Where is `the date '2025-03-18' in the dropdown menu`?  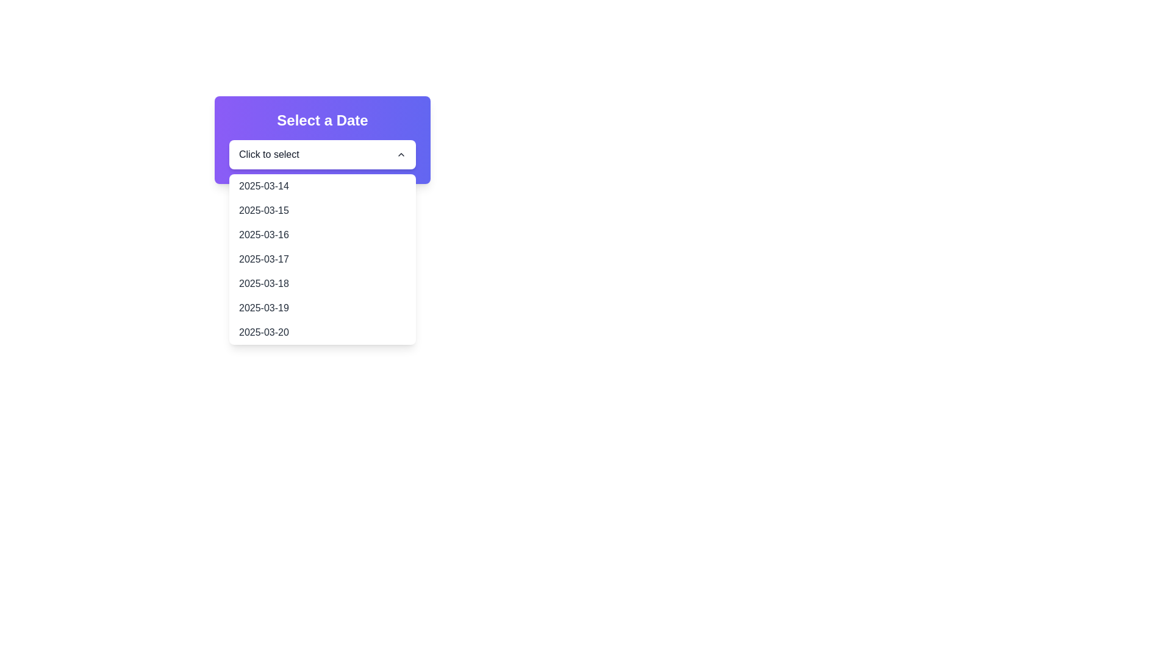
the date '2025-03-18' in the dropdown menu is located at coordinates (263, 284).